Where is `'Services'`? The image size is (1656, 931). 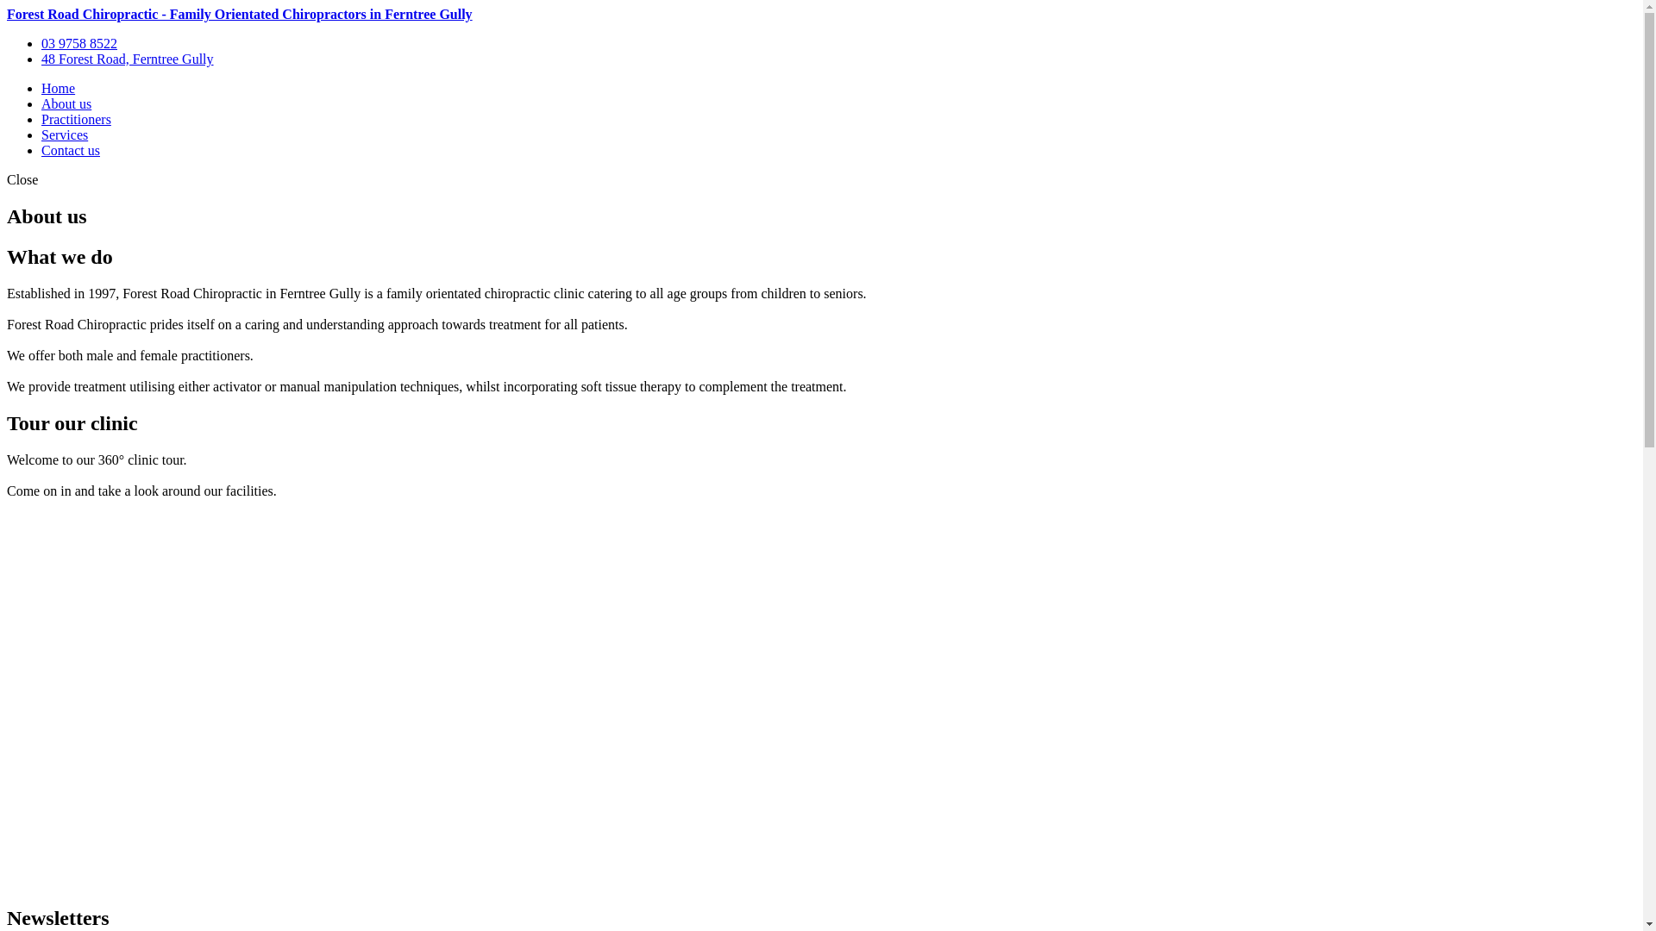 'Services' is located at coordinates (65, 134).